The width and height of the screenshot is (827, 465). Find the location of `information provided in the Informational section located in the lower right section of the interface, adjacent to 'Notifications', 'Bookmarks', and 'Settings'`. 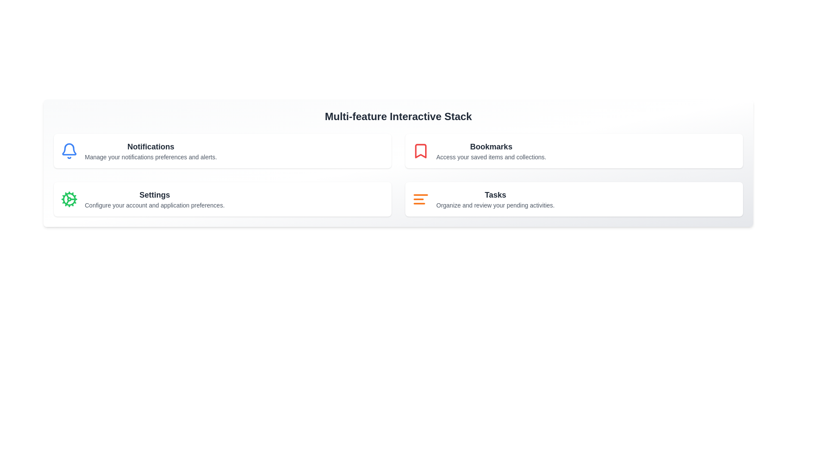

information provided in the Informational section located in the lower right section of the interface, adjacent to 'Notifications', 'Bookmarks', and 'Settings' is located at coordinates (574, 199).